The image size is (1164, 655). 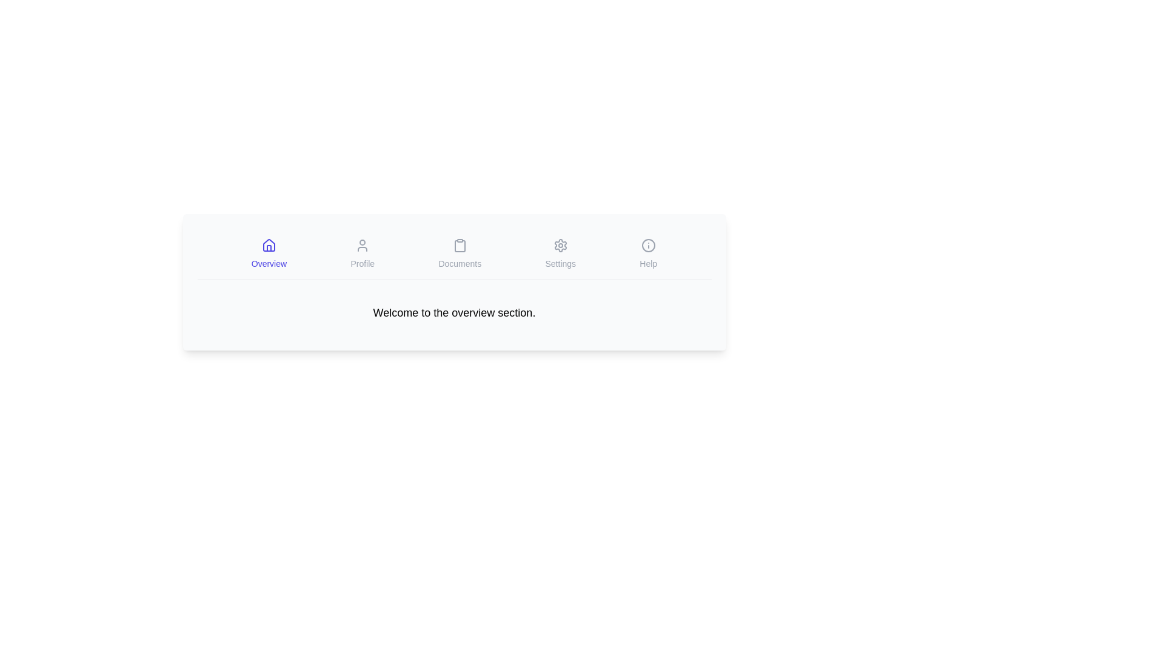 What do you see at coordinates (560, 246) in the screenshot?
I see `the gear-like icon button located in the horizontal menu bar` at bounding box center [560, 246].